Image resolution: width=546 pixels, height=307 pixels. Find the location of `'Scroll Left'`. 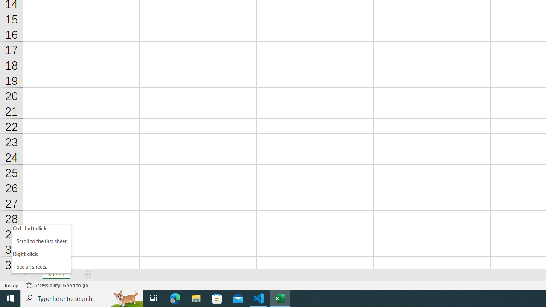

'Scroll Left' is located at coordinates (12, 275).